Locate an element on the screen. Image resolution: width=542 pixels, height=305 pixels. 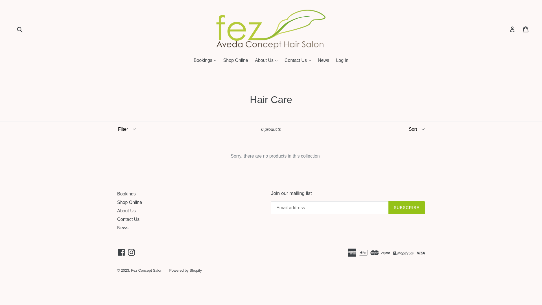
'Instagram' is located at coordinates (131, 252).